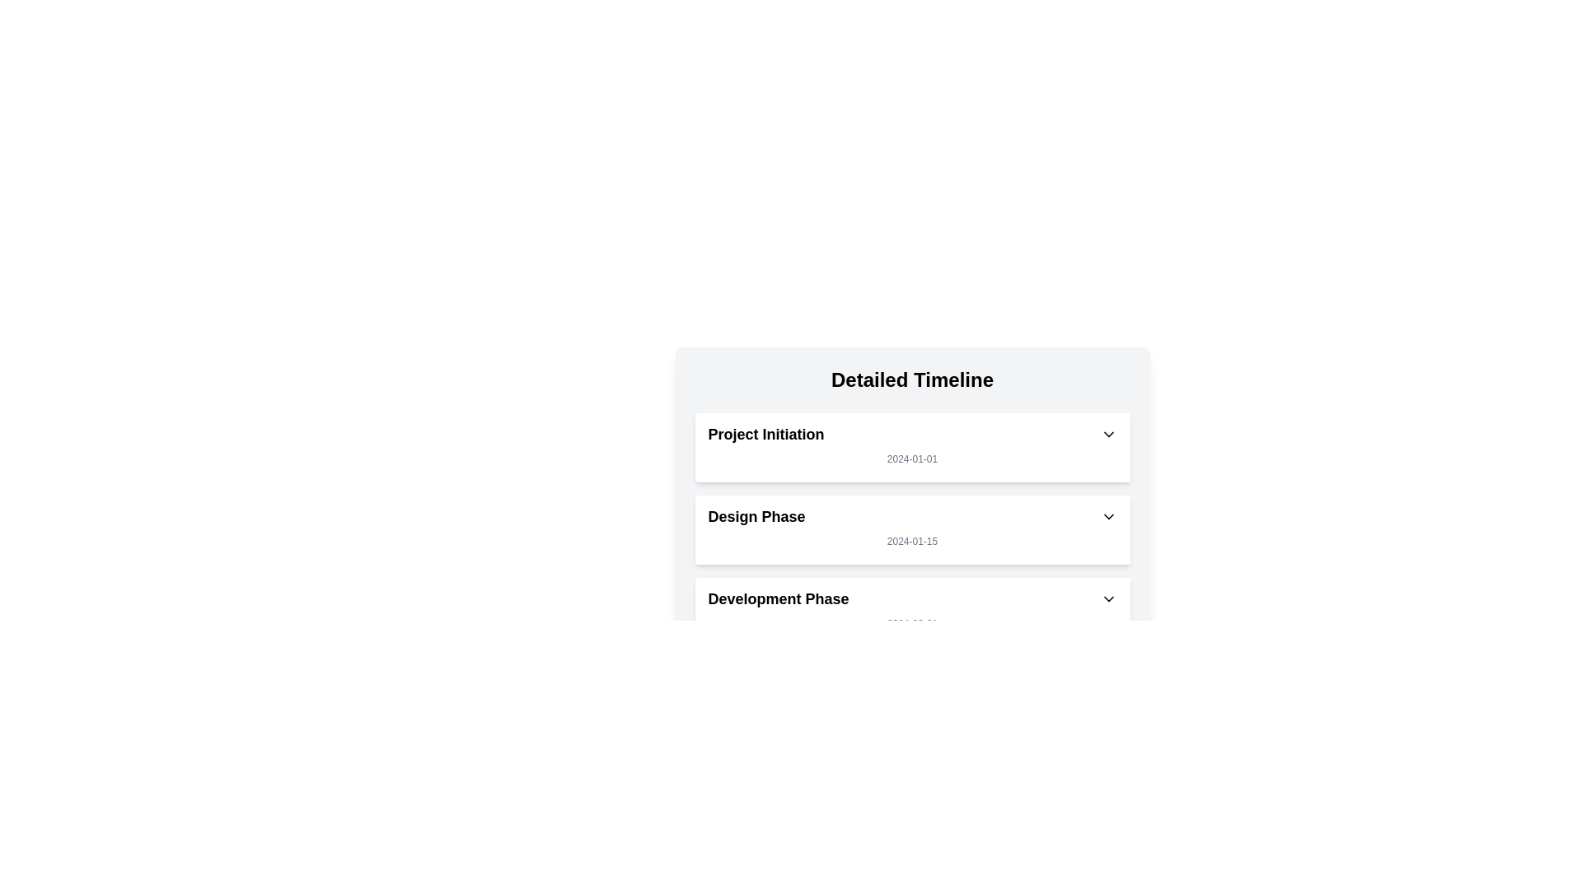  What do you see at coordinates (778, 599) in the screenshot?
I see `the 'Development Phase' text label, which is styled in bold and larger font, located below the 'Design Phase' section in the 'Detailed Timeline' vertical list` at bounding box center [778, 599].